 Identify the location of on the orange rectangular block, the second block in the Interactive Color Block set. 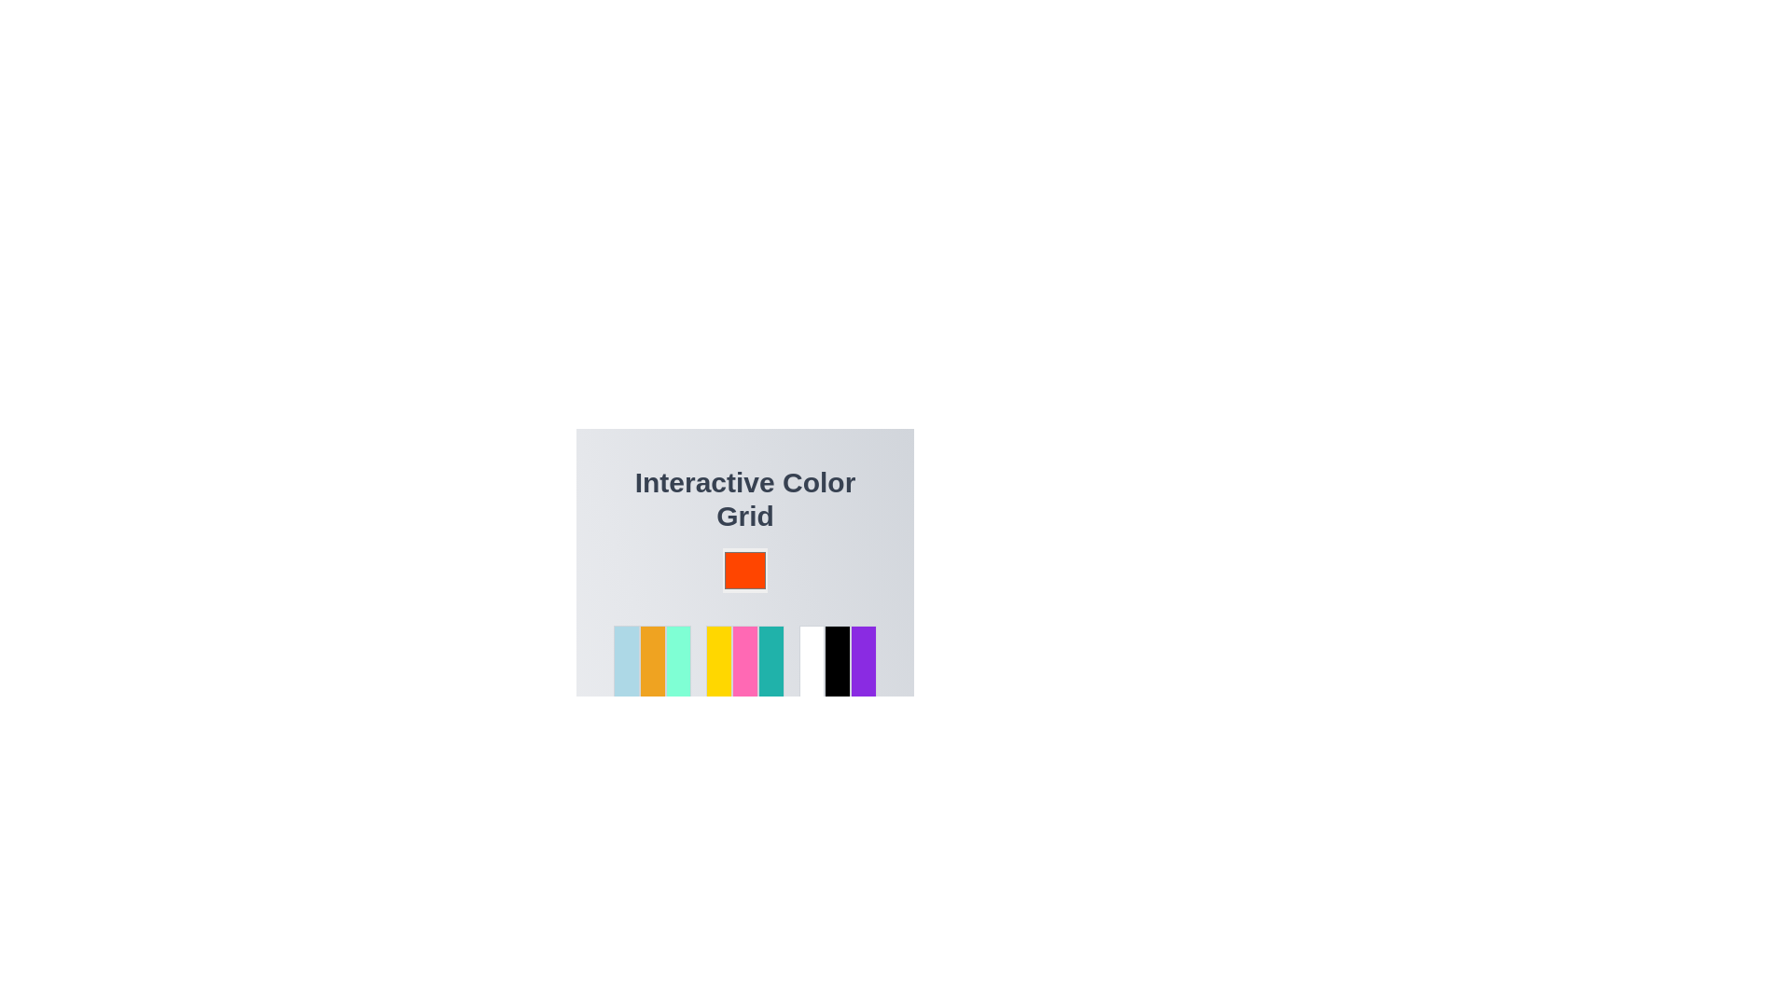
(652, 661).